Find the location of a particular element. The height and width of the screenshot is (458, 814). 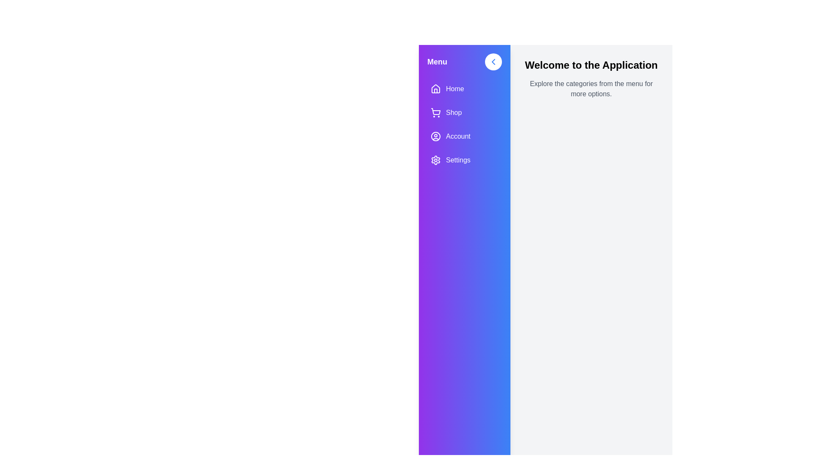

the 'Home' button in the vertical navigation menu is located at coordinates (464, 89).